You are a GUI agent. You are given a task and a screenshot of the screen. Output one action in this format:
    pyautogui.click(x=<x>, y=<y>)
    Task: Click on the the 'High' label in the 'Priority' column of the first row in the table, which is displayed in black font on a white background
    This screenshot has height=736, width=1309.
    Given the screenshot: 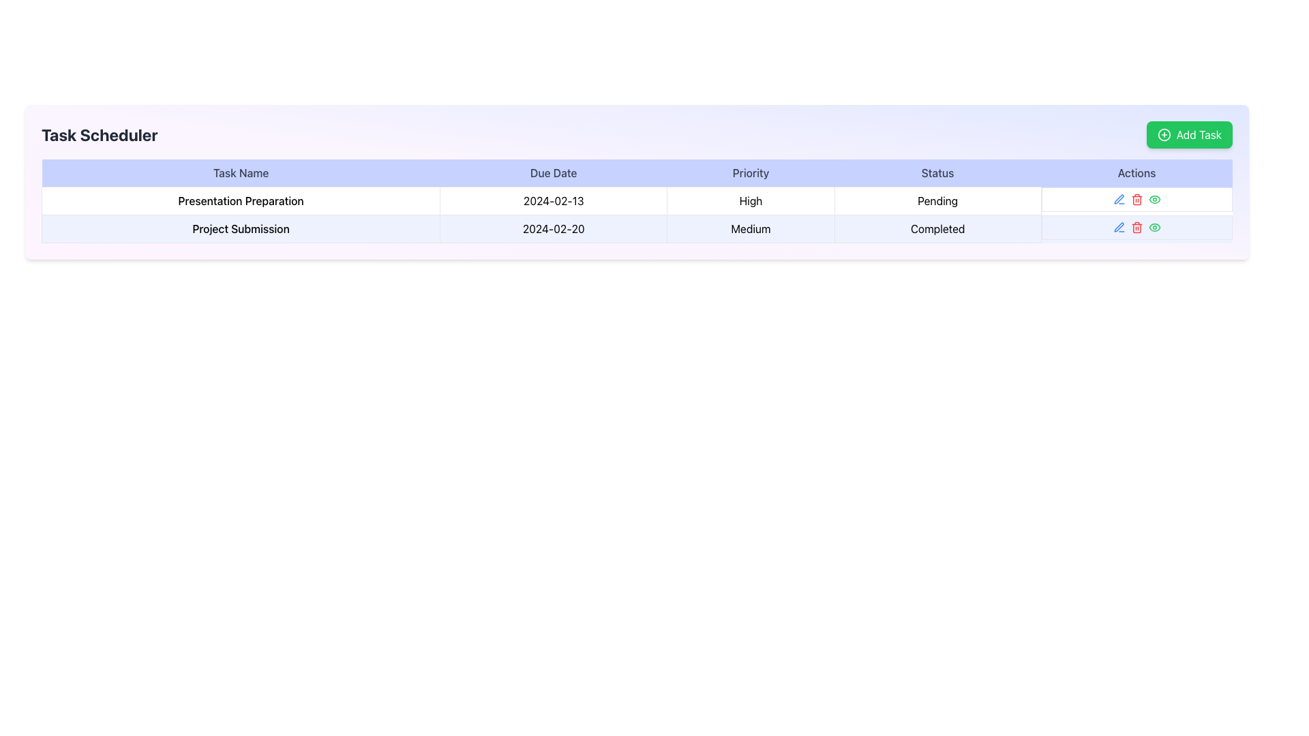 What is the action you would take?
    pyautogui.click(x=750, y=200)
    